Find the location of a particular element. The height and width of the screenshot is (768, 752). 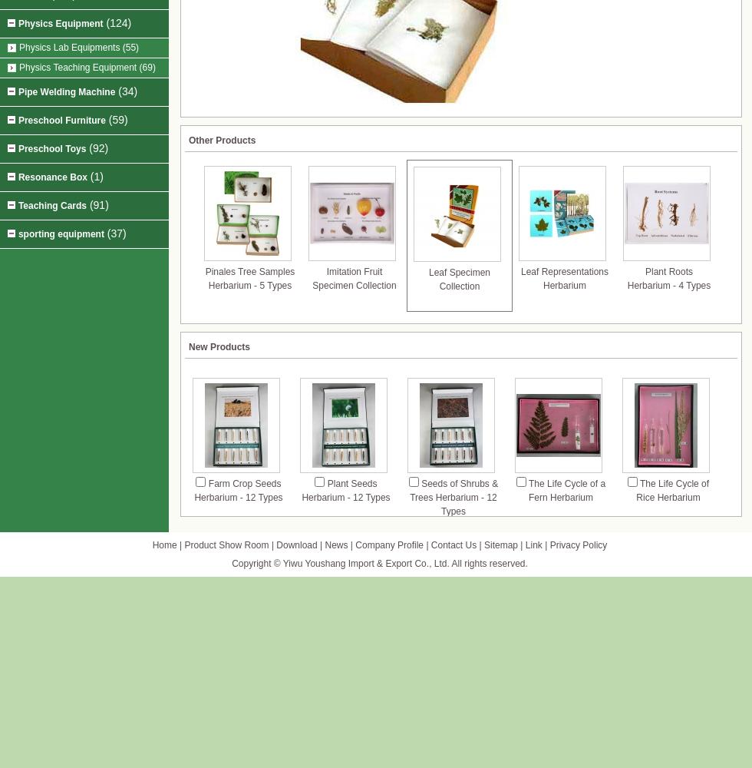

'(124)' is located at coordinates (102, 23).